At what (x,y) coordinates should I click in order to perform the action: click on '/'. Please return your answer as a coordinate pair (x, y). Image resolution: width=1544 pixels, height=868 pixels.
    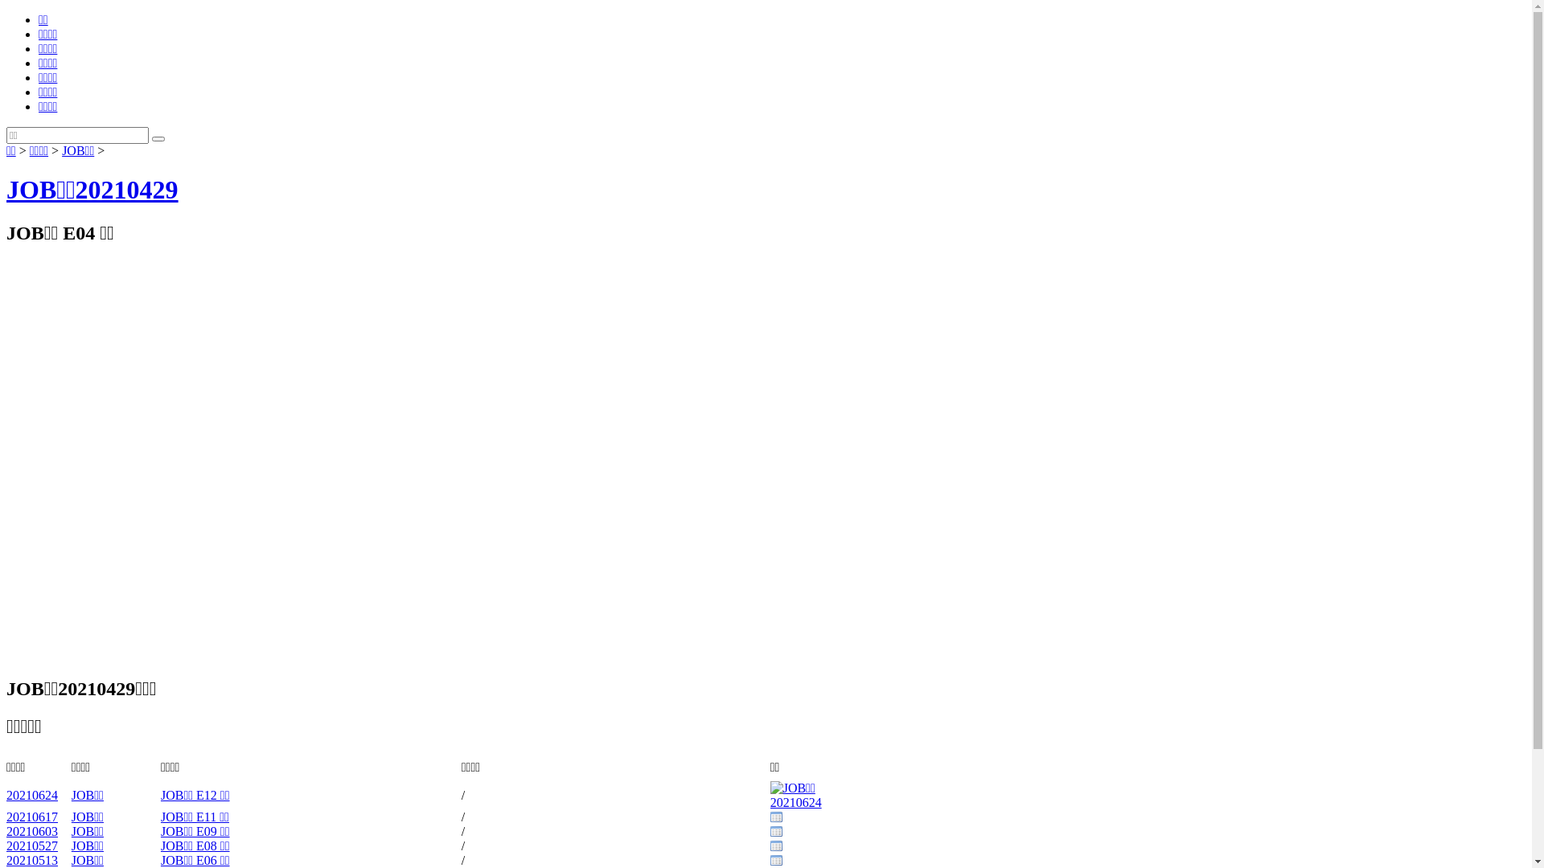
    Looking at the image, I should click on (462, 831).